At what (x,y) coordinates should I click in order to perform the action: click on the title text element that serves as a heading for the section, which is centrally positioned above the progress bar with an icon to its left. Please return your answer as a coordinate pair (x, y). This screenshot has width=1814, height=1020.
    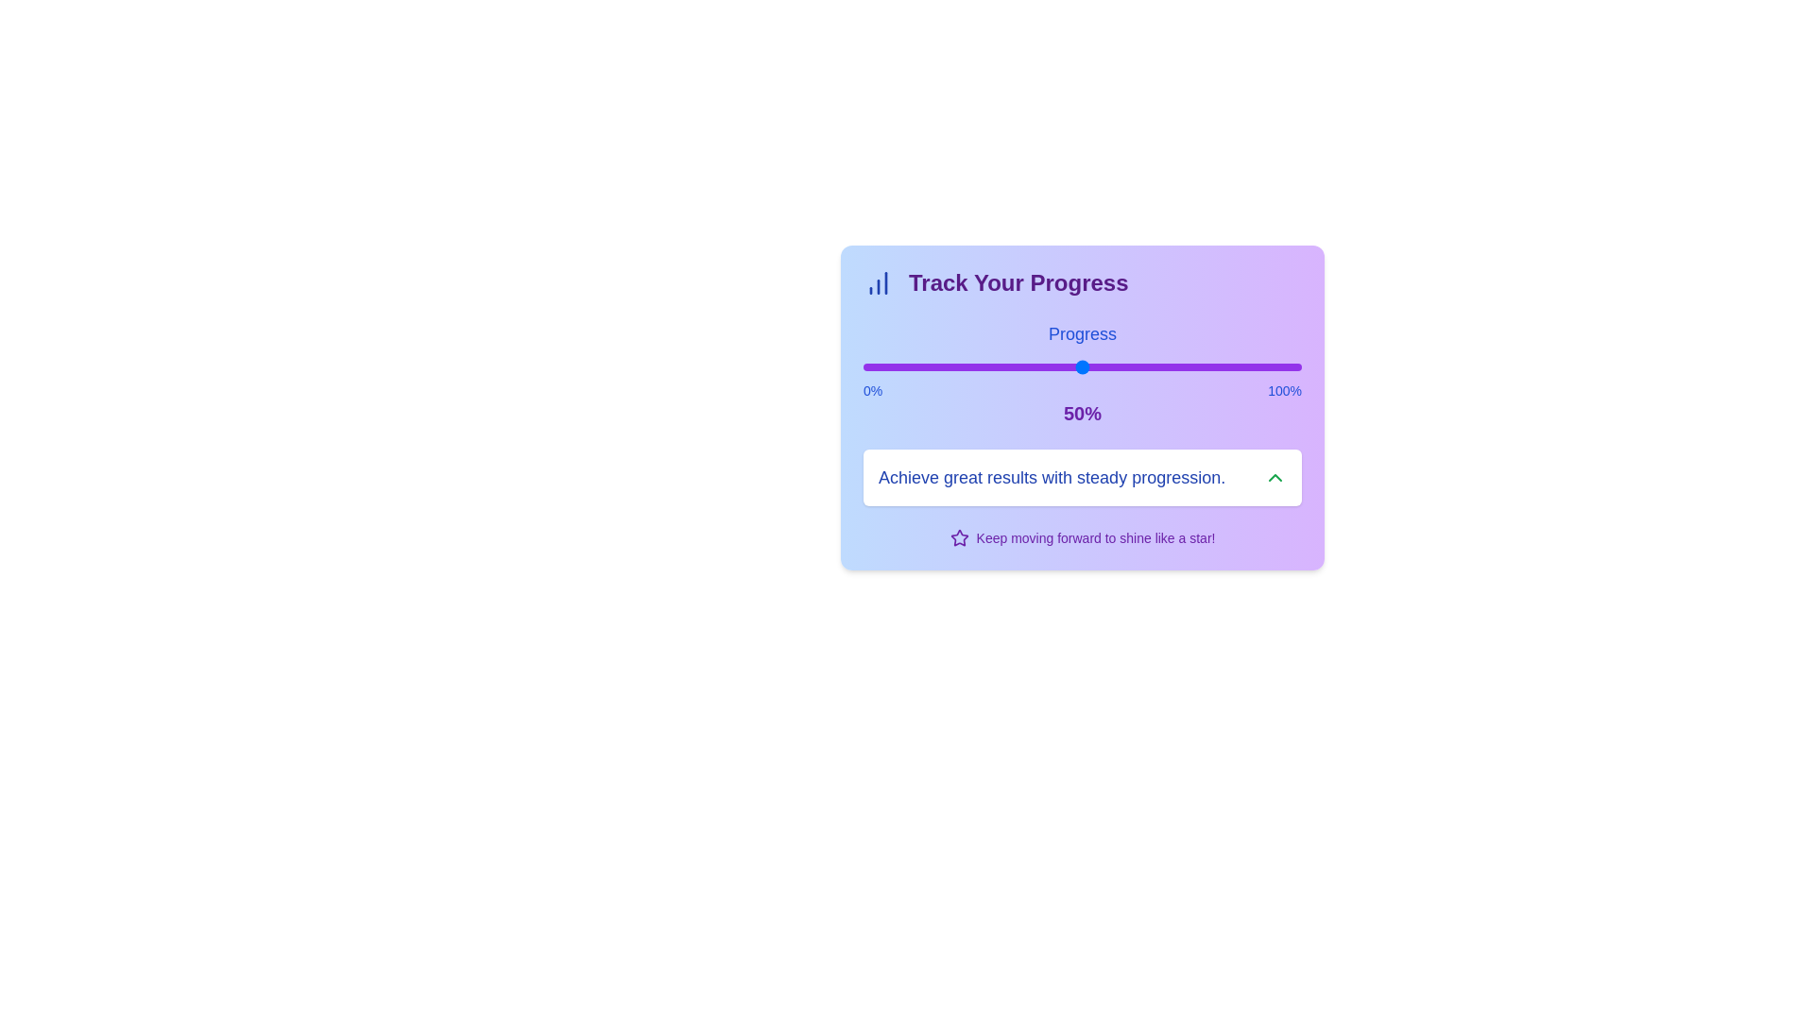
    Looking at the image, I should click on (1018, 283).